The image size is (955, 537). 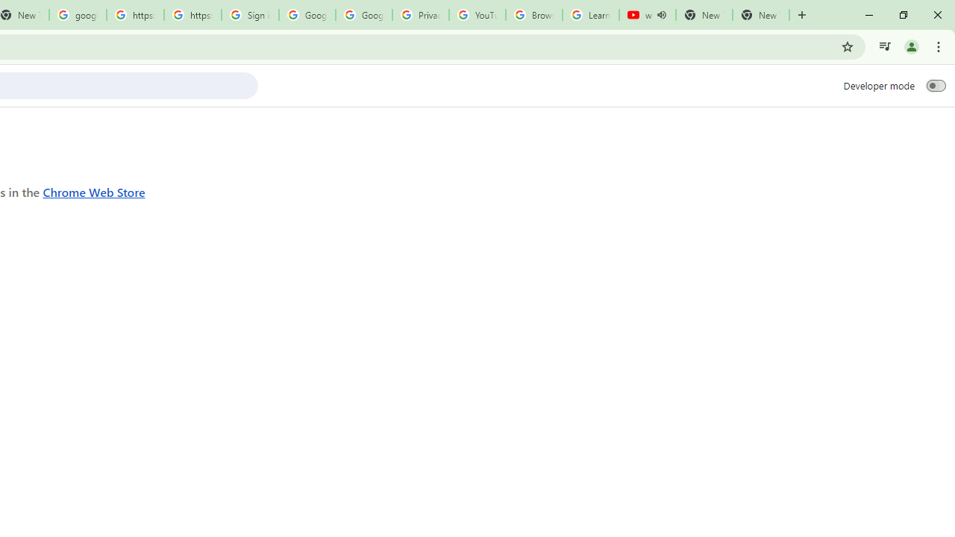 I want to click on 'New Tab', so click(x=761, y=15).